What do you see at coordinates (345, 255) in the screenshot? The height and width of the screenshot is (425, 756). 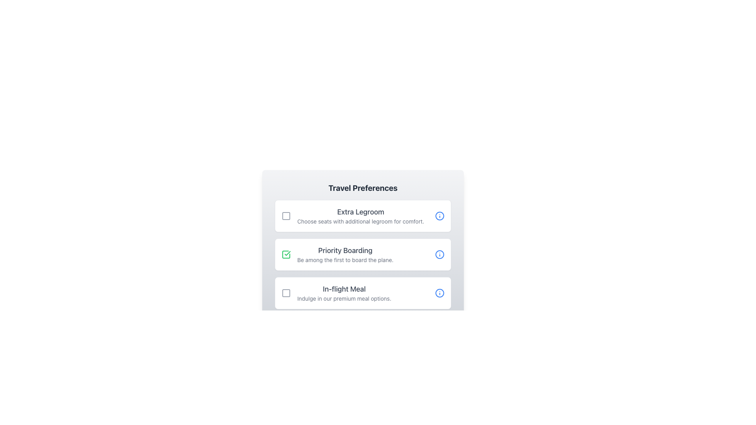 I see `information in the 'Priority Boarding' text block, which contains a header and subtext about boarding the plane, centrally located in the second row of the 'Travel Preferences' section` at bounding box center [345, 255].